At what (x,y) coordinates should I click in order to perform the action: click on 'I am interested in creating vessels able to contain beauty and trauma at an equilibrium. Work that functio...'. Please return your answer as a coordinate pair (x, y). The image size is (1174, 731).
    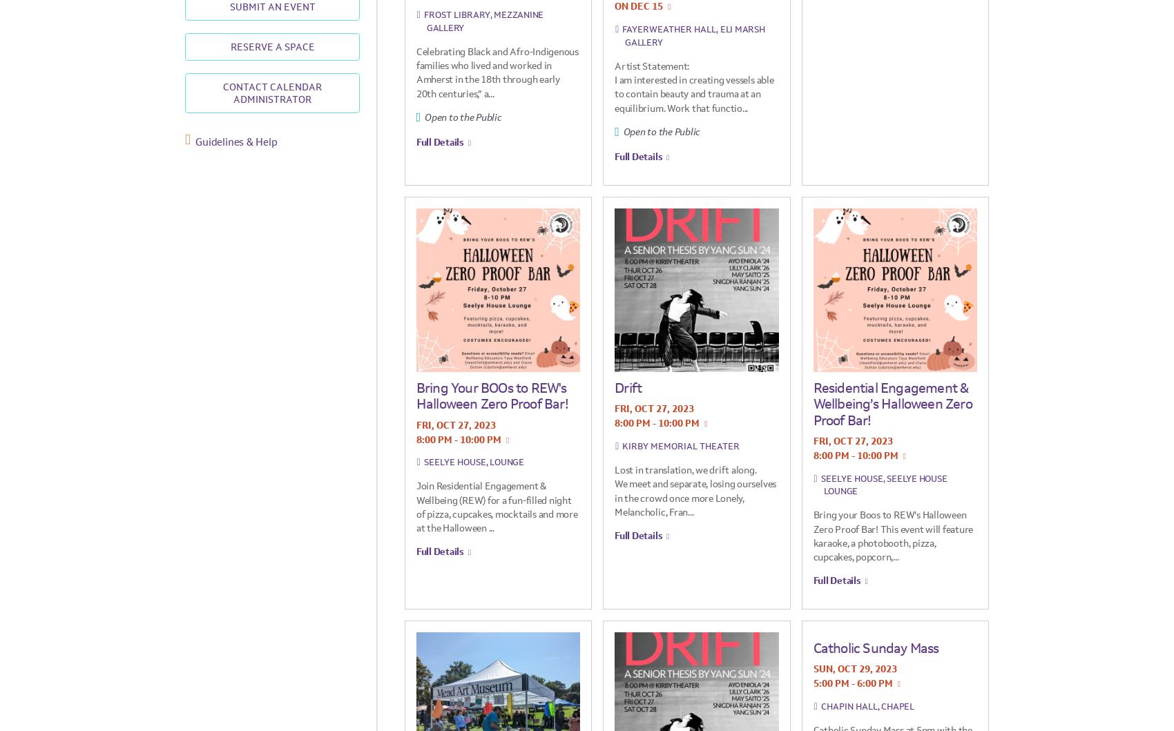
    Looking at the image, I should click on (693, 92).